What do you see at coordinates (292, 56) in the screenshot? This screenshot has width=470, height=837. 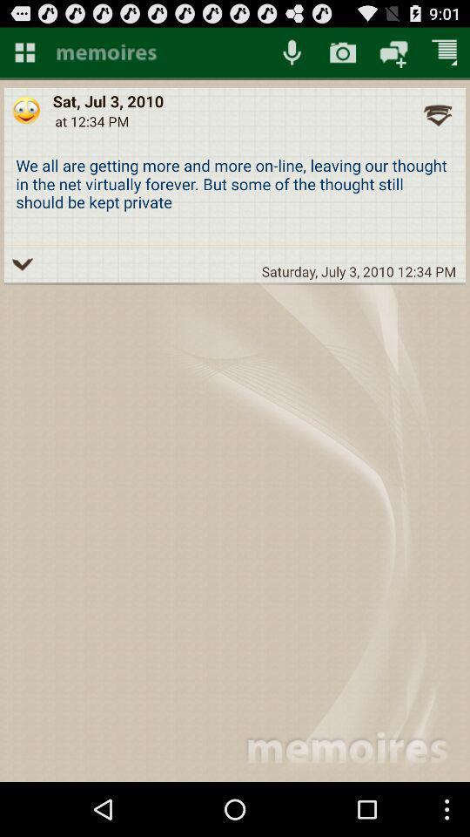 I see `the microphone icon` at bounding box center [292, 56].